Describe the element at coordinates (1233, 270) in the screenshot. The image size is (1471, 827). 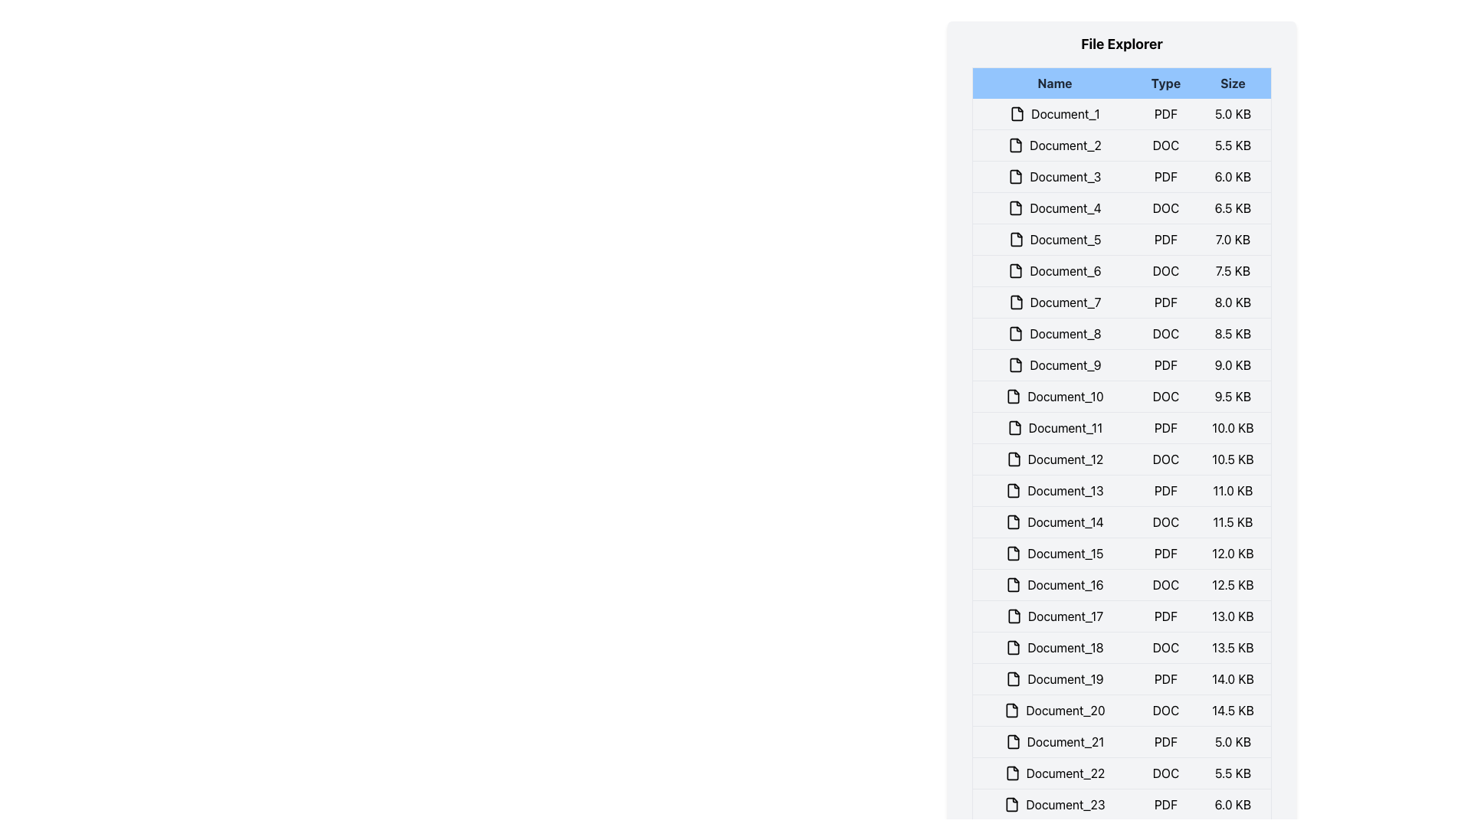
I see `the text label displaying '7.5 KB' in the 'Size' column of the file explorer table, located in the sixth row` at that location.